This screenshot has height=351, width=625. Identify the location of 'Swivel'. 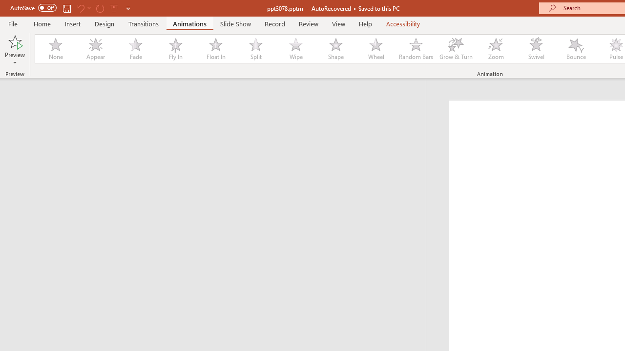
(536, 49).